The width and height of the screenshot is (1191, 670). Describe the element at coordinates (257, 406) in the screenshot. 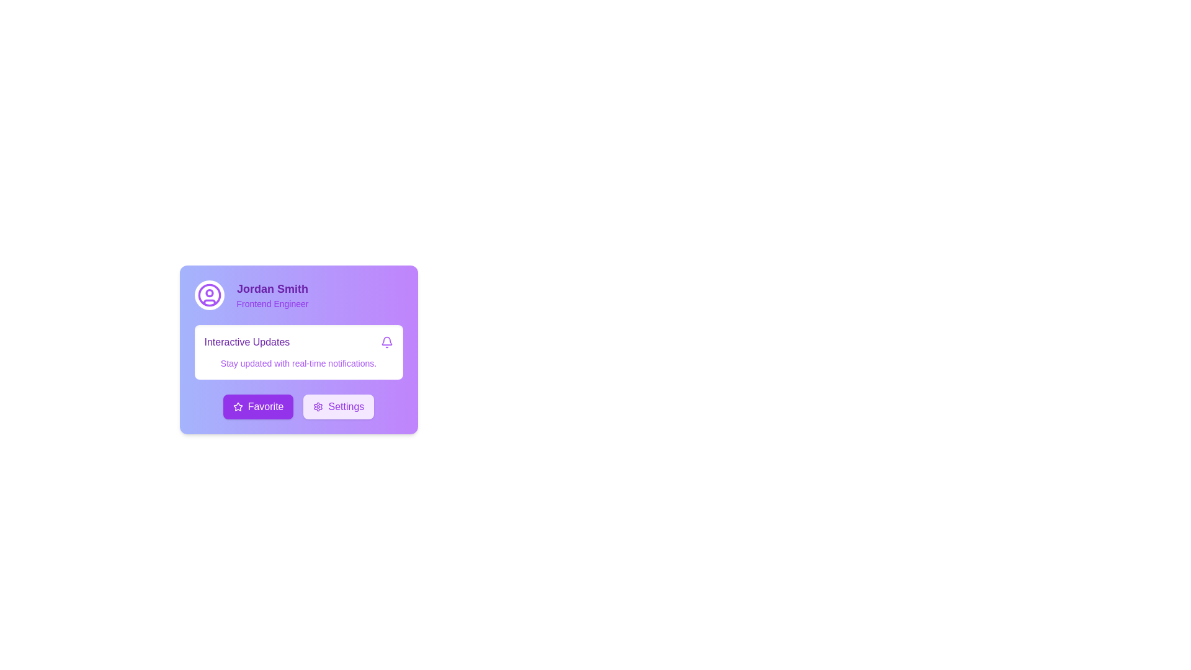

I see `the 'Favorite' button, which is the leftmost button with a purple background and a star icon` at that location.